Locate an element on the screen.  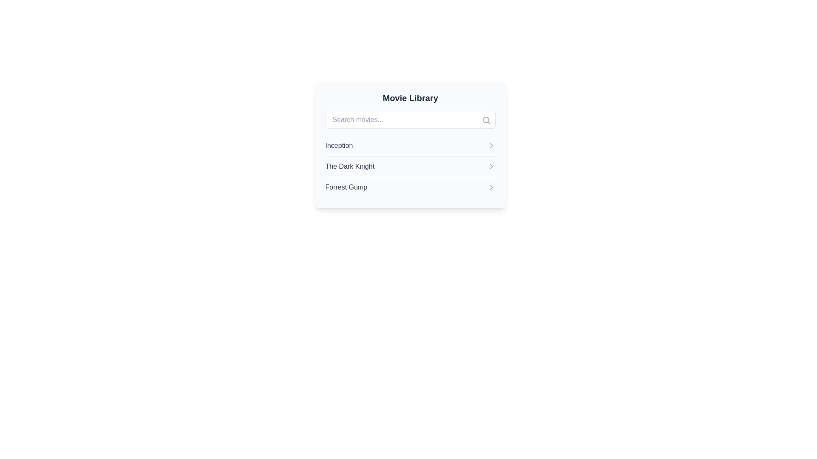
to select the movie item representing 'Inception', which is the first item in the vertical list of movie titles below the 'Search movies...' bar is located at coordinates (410, 145).